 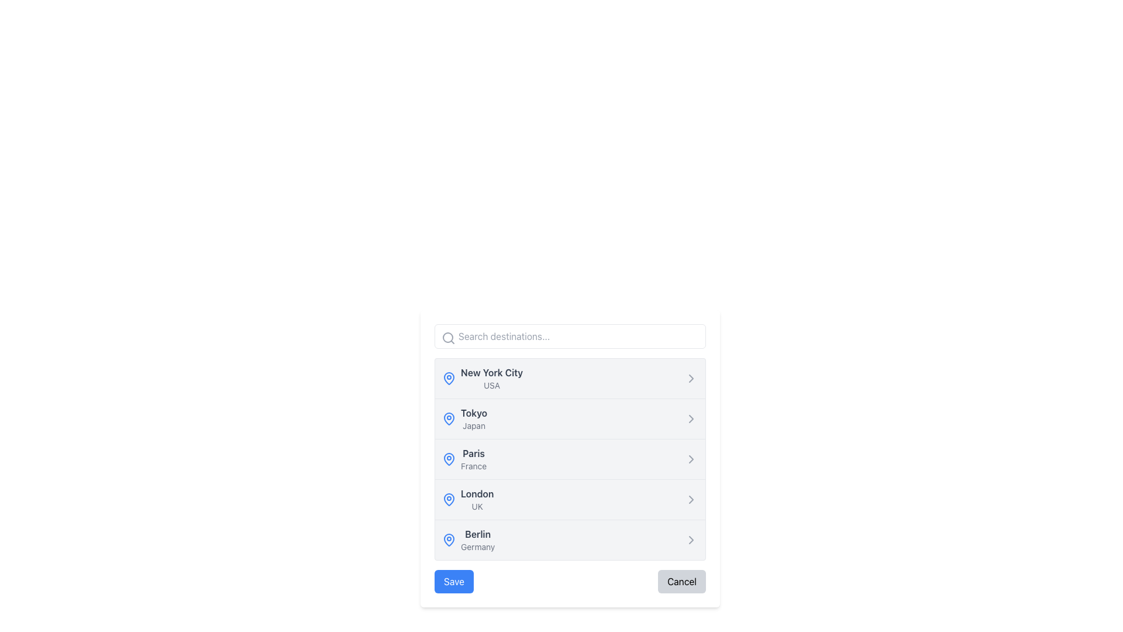 I want to click on the text label reading 'Tokyo', which is styled in bold and placed within a list of city names, positioned below 'New York City' and above 'Paris', so click(x=474, y=412).